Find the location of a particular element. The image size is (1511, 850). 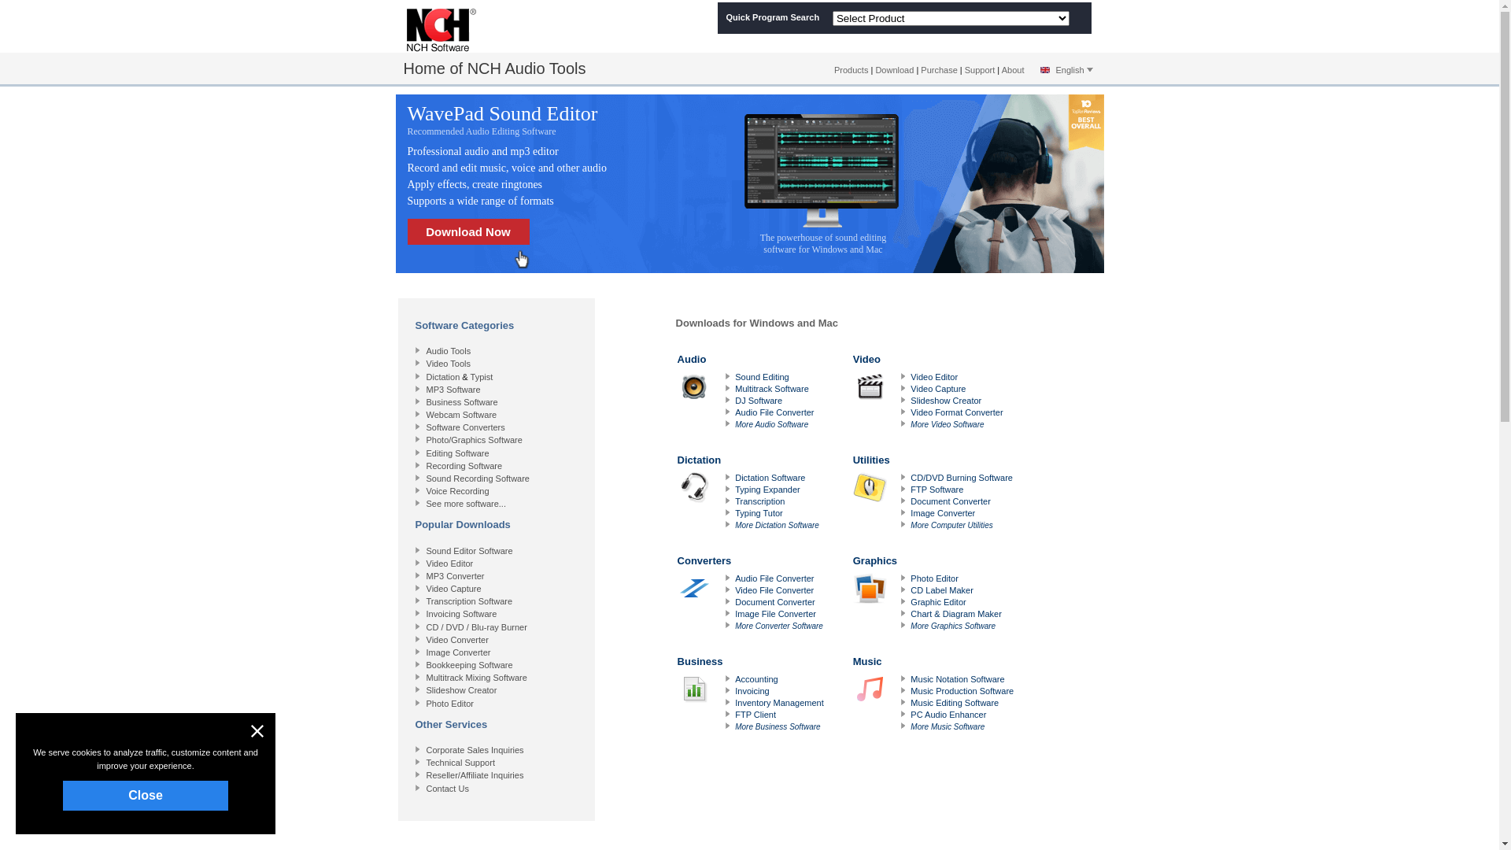

'Webcam Software' is located at coordinates (460, 414).